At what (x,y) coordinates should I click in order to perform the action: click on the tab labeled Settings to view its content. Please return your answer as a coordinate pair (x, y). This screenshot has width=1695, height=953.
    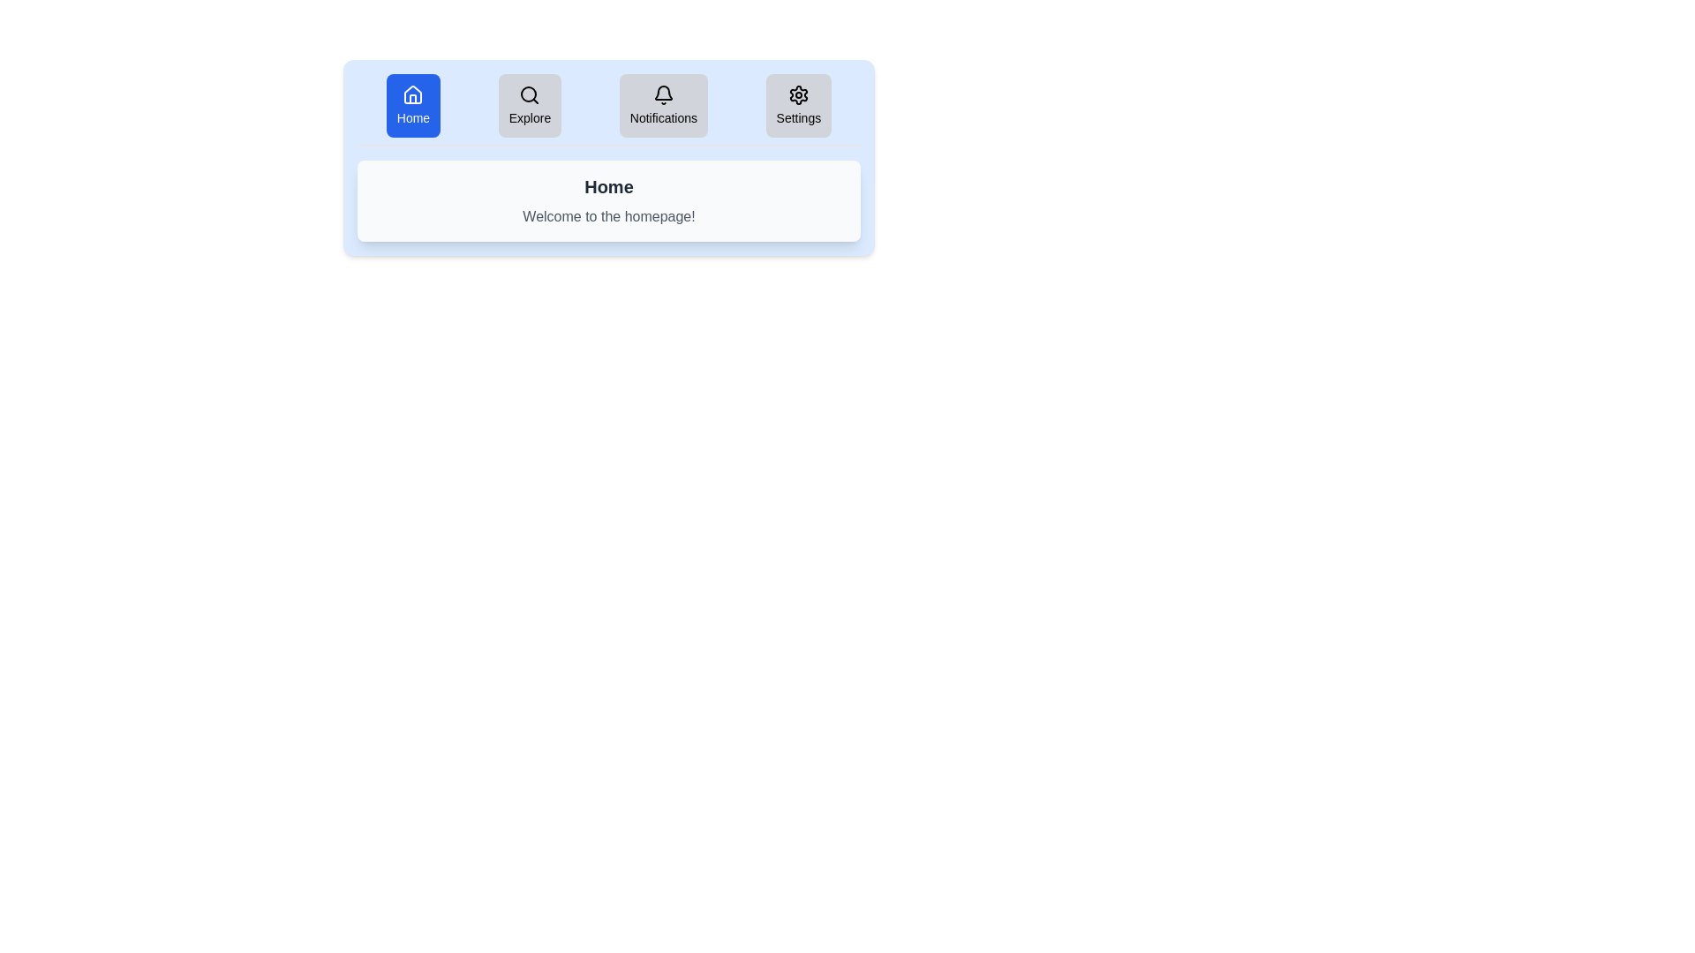
    Looking at the image, I should click on (796, 105).